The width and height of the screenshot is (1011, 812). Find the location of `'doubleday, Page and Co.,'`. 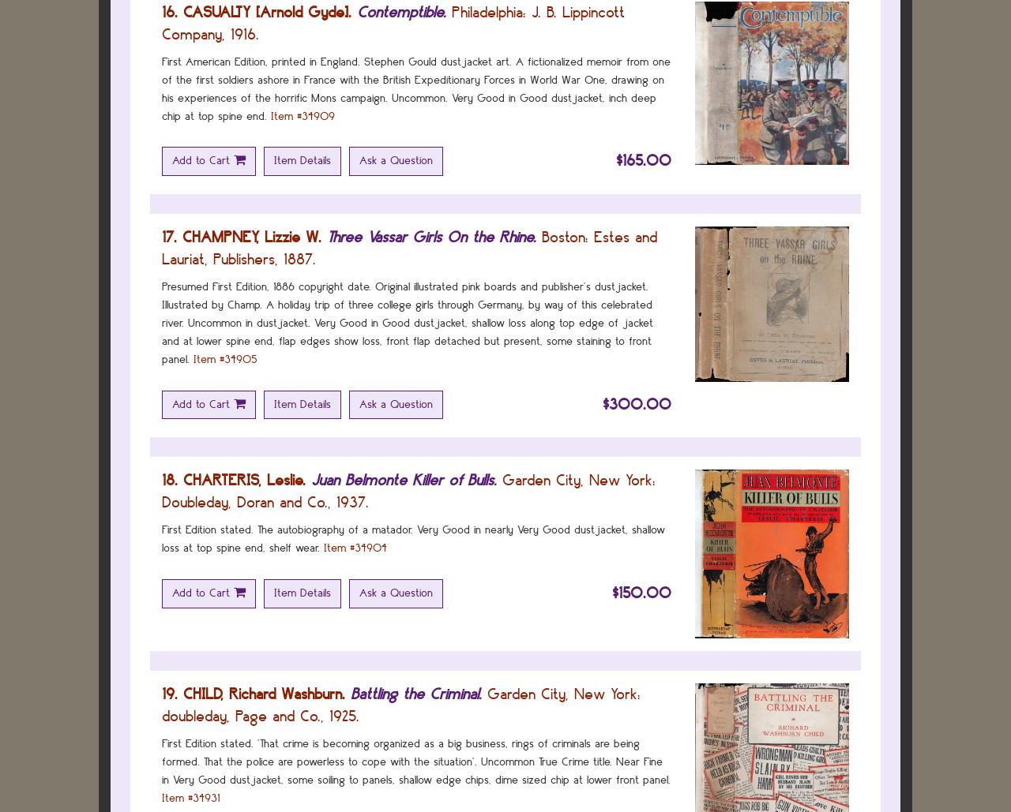

'doubleday, Page and Co.,' is located at coordinates (242, 715).